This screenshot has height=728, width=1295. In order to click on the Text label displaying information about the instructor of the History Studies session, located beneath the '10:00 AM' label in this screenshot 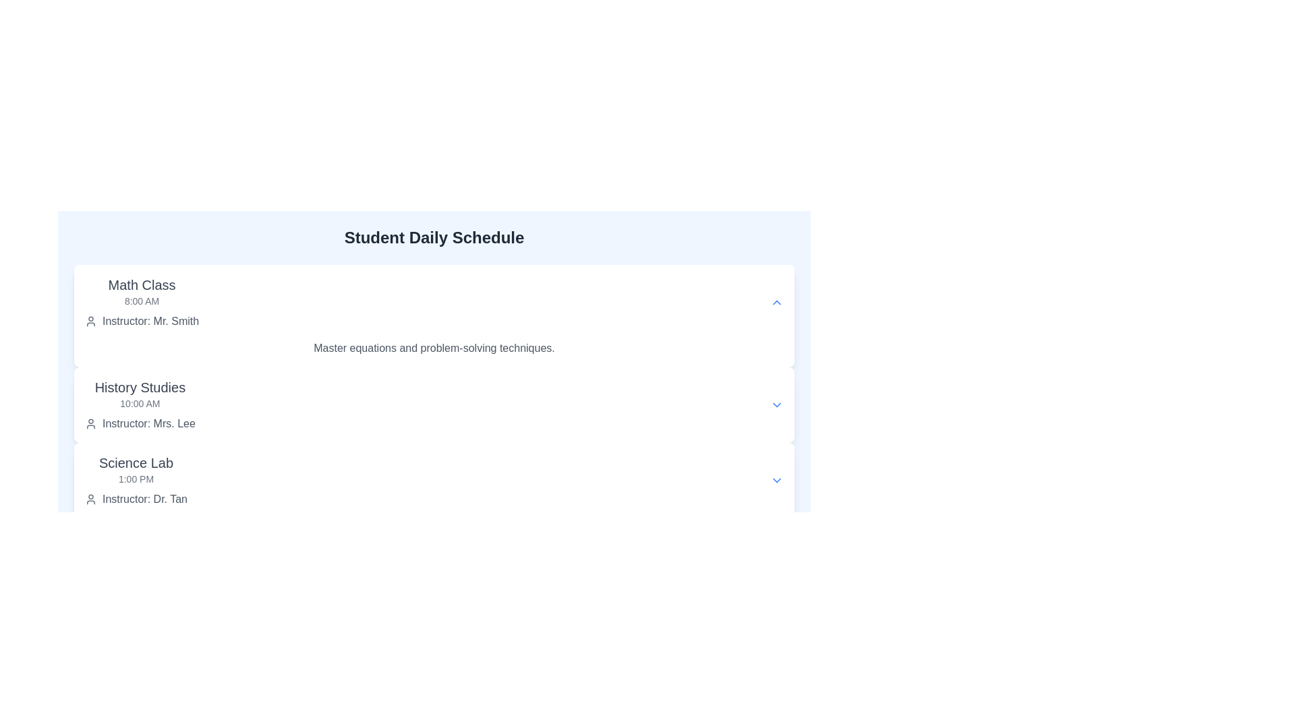, I will do `click(140, 423)`.